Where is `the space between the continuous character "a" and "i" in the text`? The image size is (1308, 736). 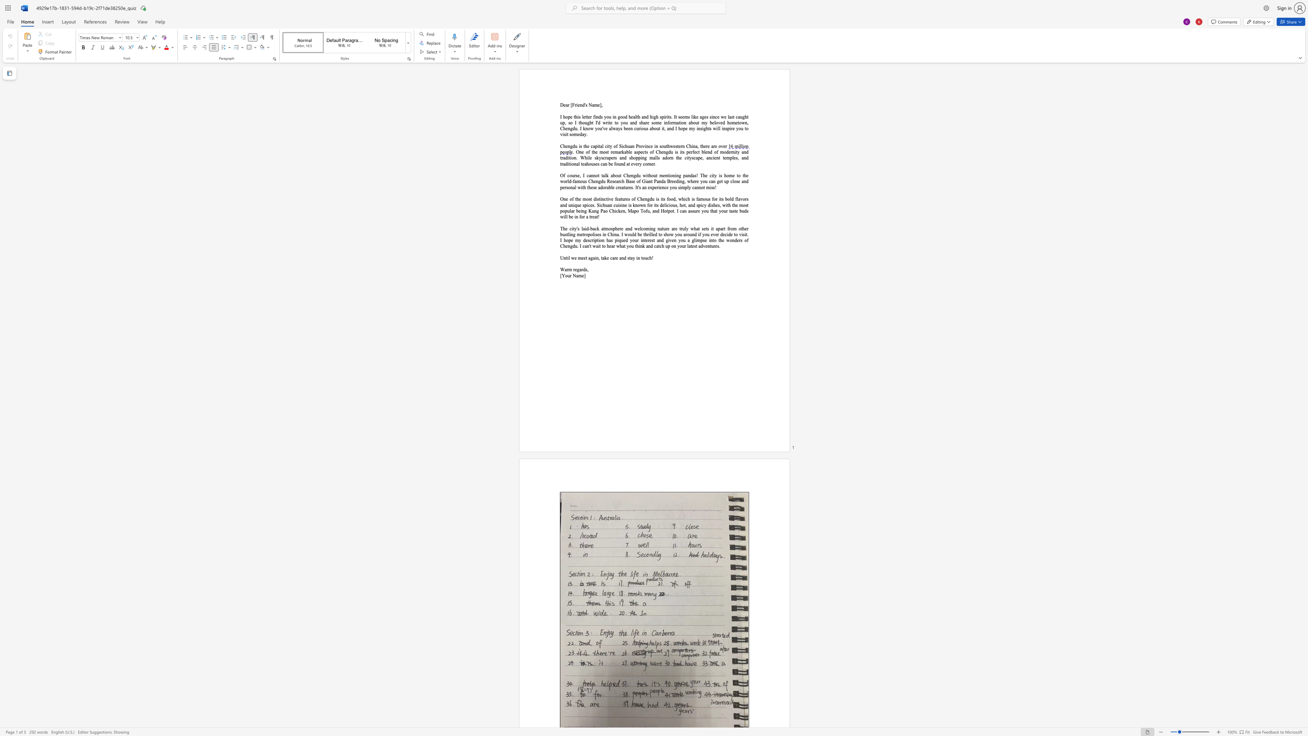 the space between the continuous character "a" and "i" in the text is located at coordinates (597, 246).